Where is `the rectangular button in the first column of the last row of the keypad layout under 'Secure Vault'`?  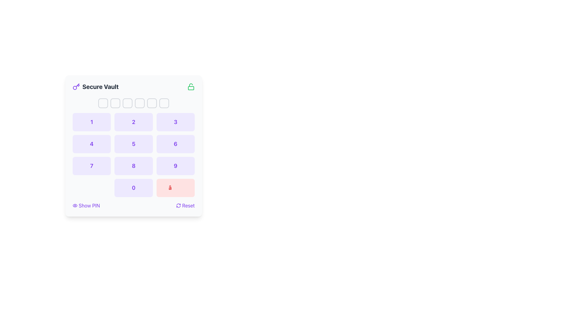 the rectangular button in the first column of the last row of the keypad layout under 'Secure Vault' is located at coordinates (91, 188).